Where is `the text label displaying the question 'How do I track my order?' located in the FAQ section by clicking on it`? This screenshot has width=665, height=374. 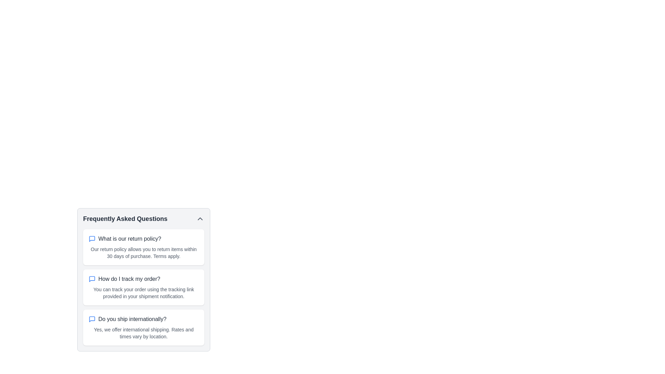 the text label displaying the question 'How do I track my order?' located in the FAQ section by clicking on it is located at coordinates (129, 279).